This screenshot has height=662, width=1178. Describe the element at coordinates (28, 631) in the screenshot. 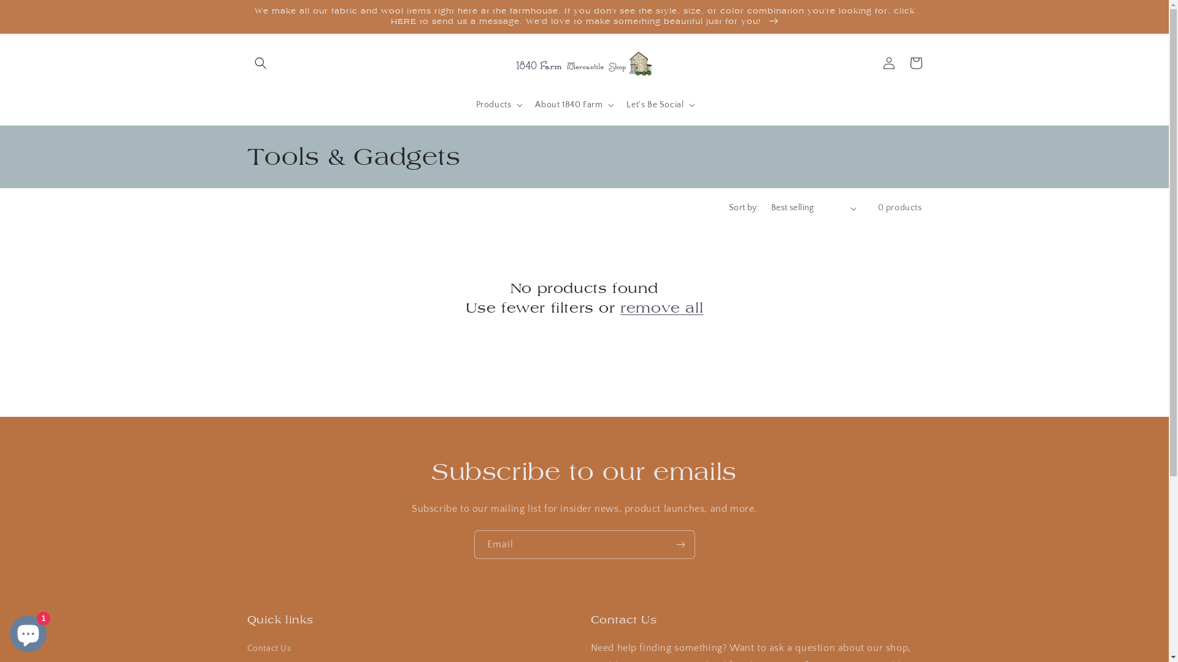

I see `'Shopify online store chat'` at that location.